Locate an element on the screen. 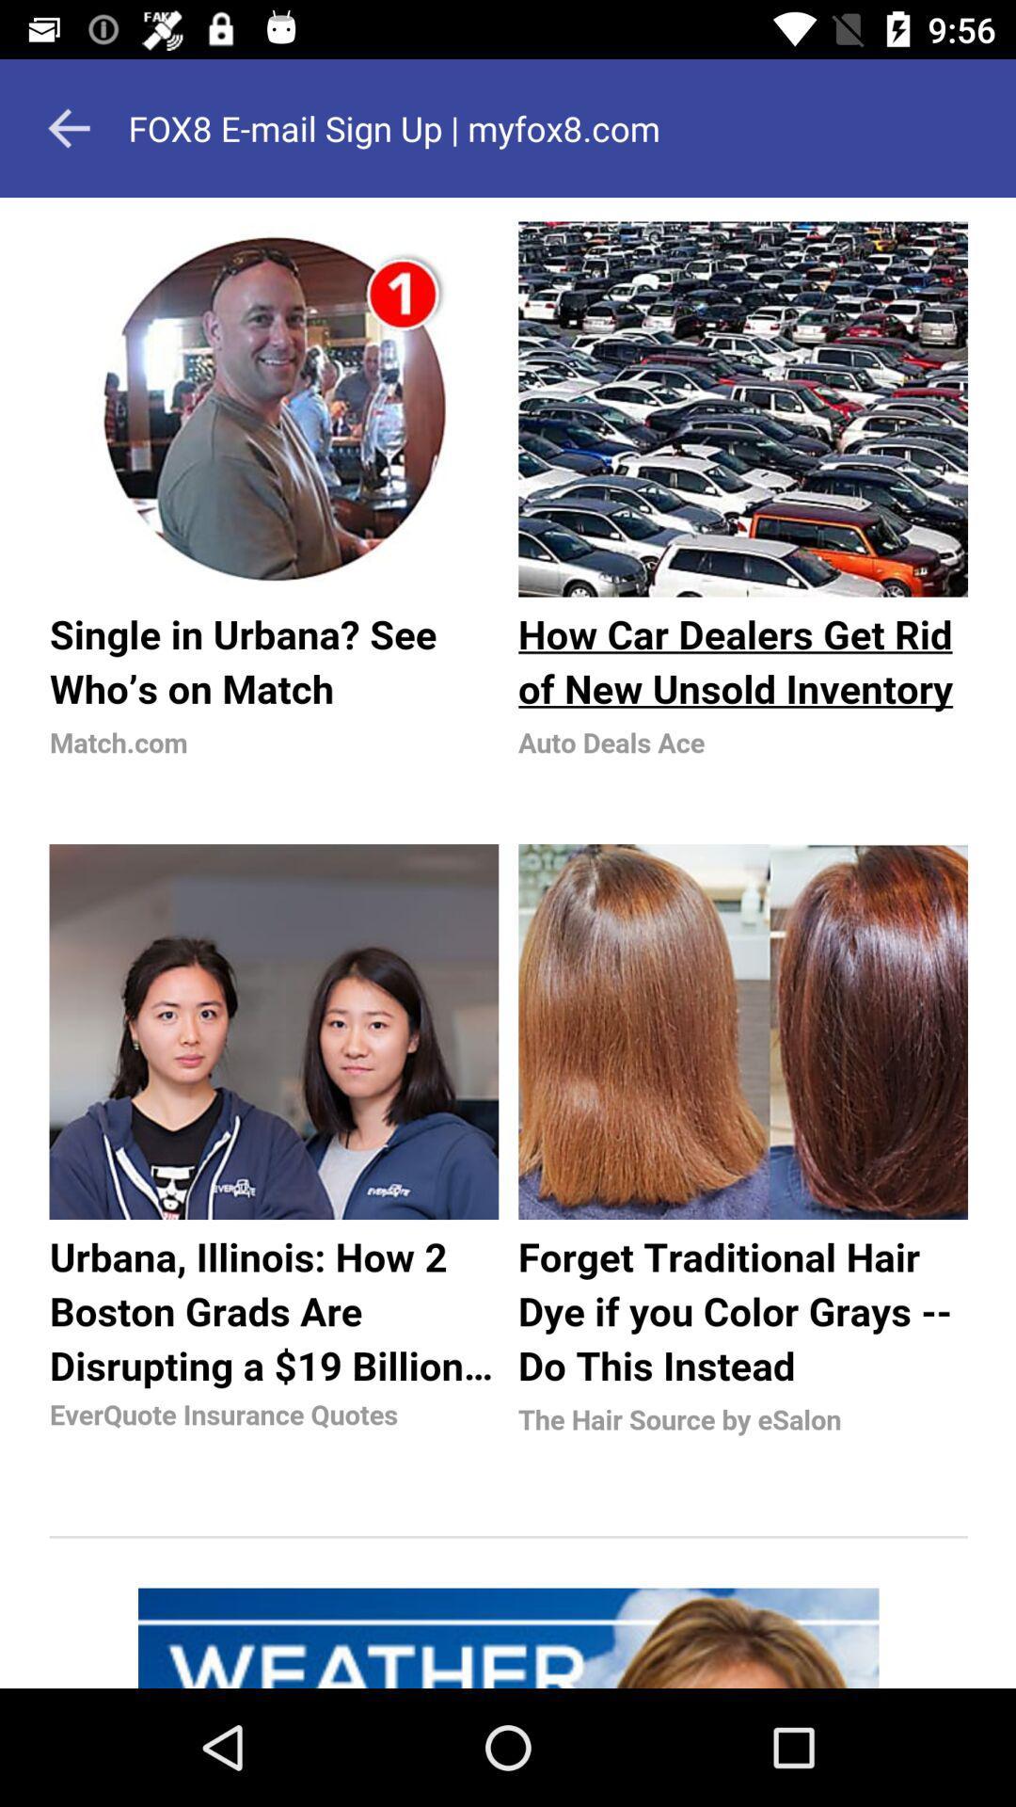 This screenshot has width=1016, height=1807. read an article is located at coordinates (508, 943).